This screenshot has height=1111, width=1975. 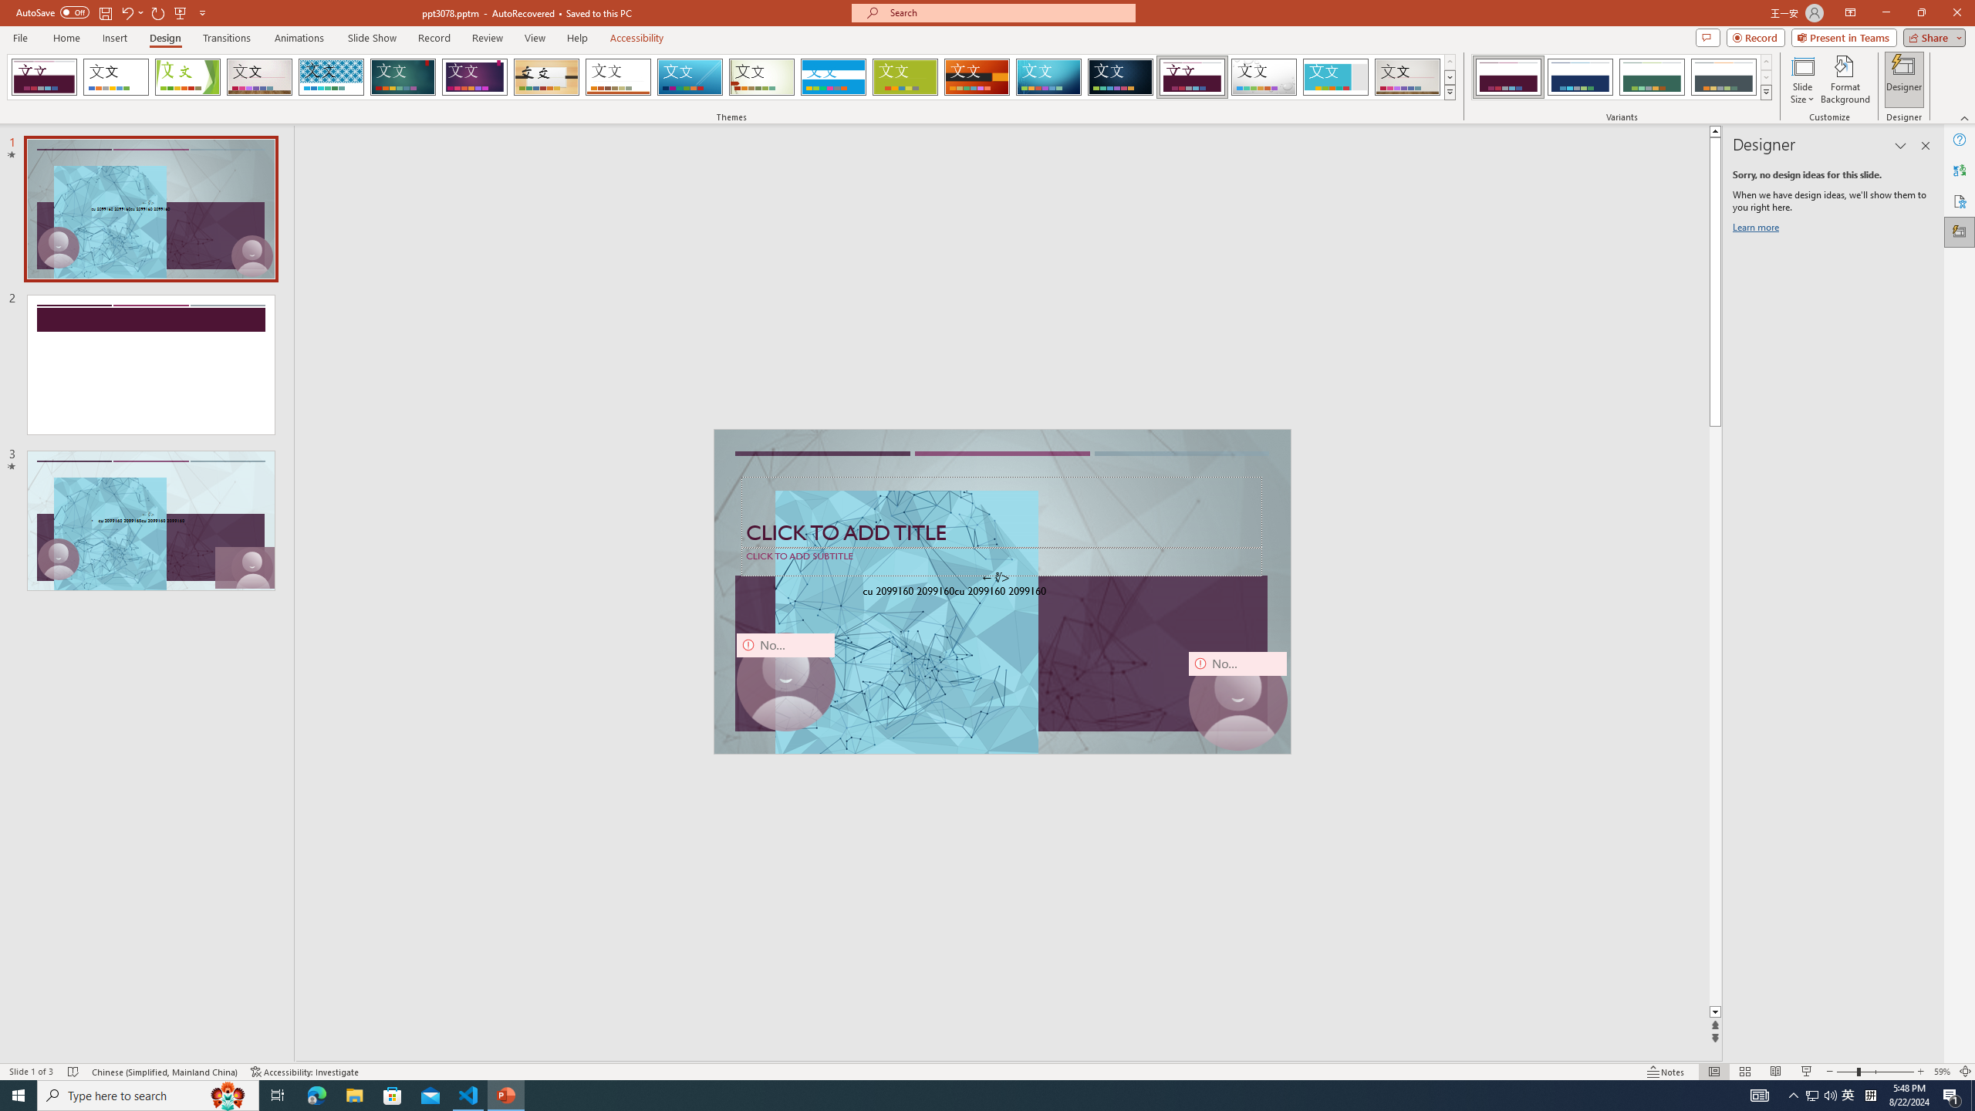 I want to click on 'Learn more', so click(x=1757, y=230).